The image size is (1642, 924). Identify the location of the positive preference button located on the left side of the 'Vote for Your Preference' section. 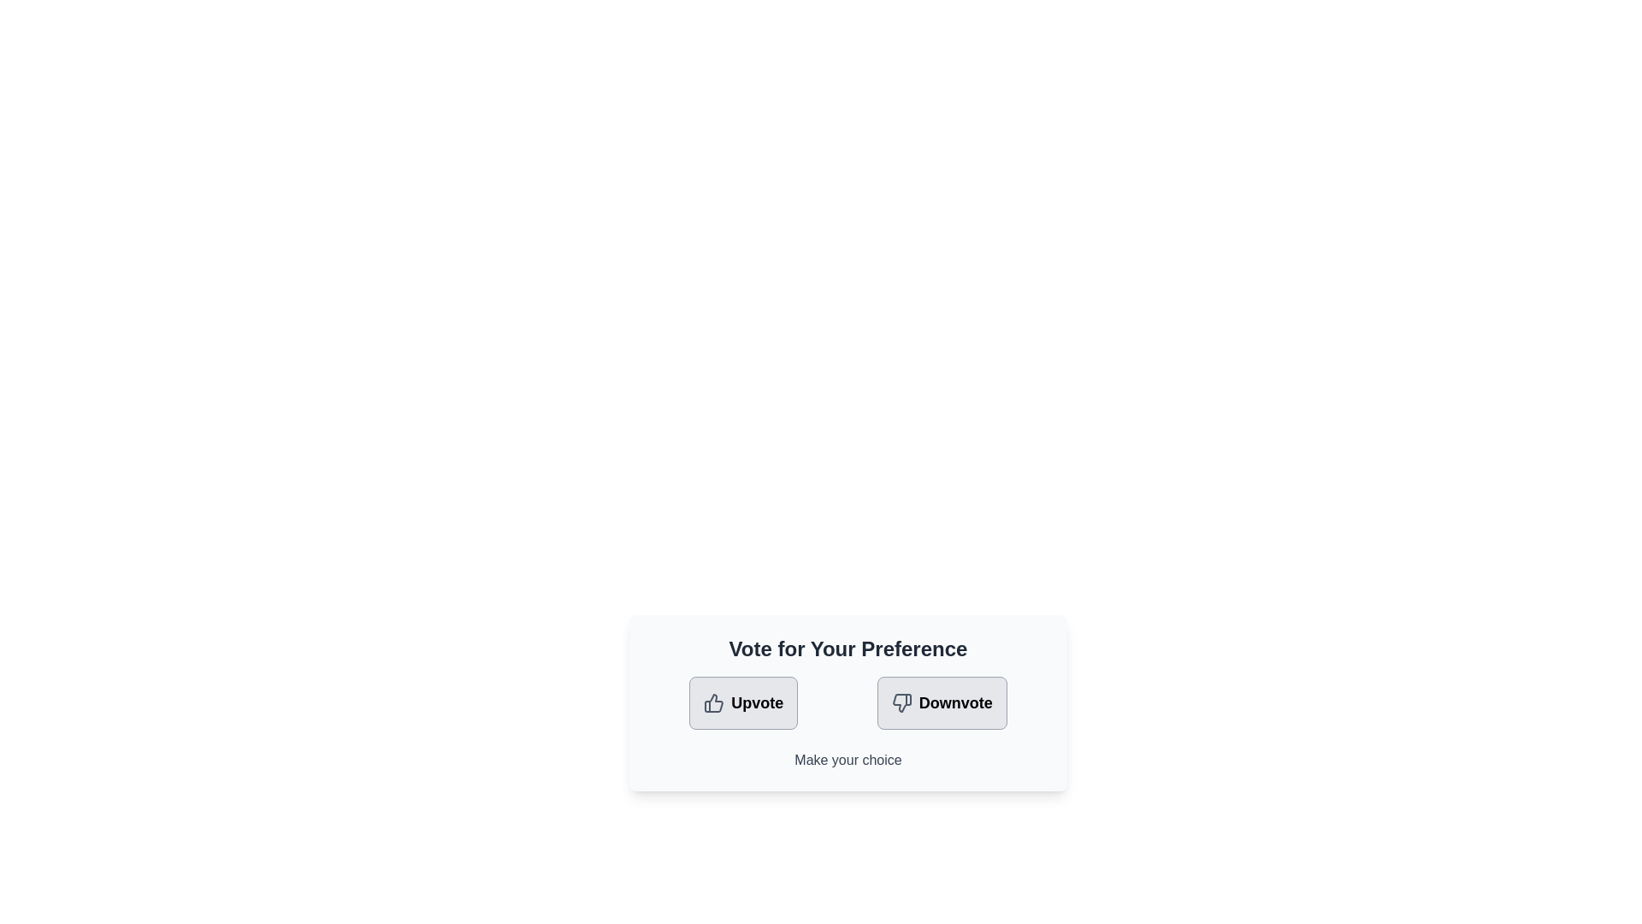
(743, 702).